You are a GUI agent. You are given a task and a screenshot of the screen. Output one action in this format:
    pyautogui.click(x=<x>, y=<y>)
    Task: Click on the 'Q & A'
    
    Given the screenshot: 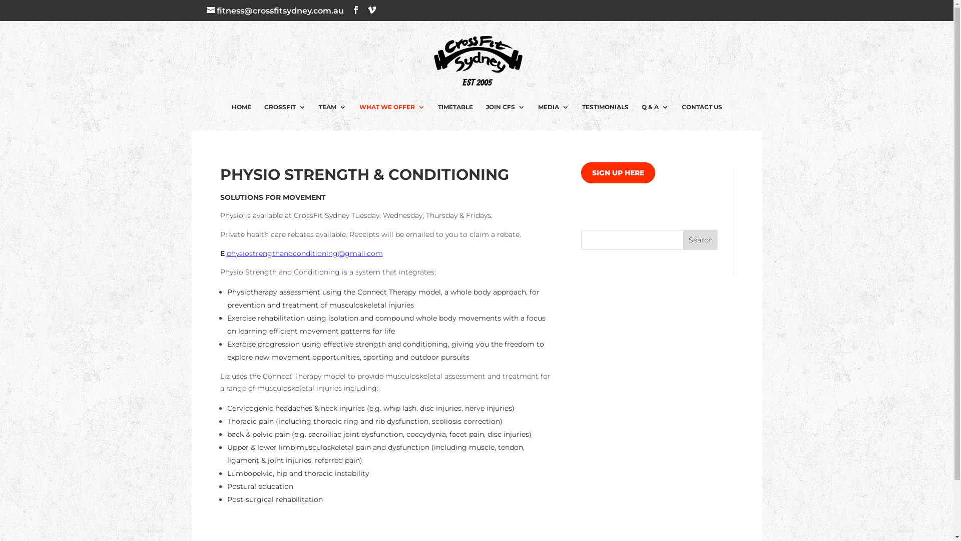 What is the action you would take?
    pyautogui.click(x=641, y=110)
    